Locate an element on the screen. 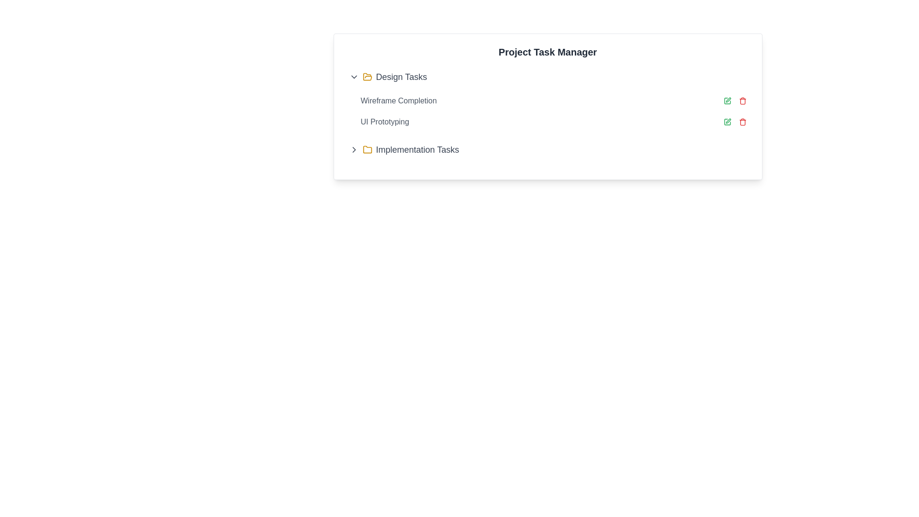 This screenshot has width=919, height=517. the delete button located to the far right of the 'Wireframe Completion' text row, after the green edit icon is located at coordinates (742, 101).